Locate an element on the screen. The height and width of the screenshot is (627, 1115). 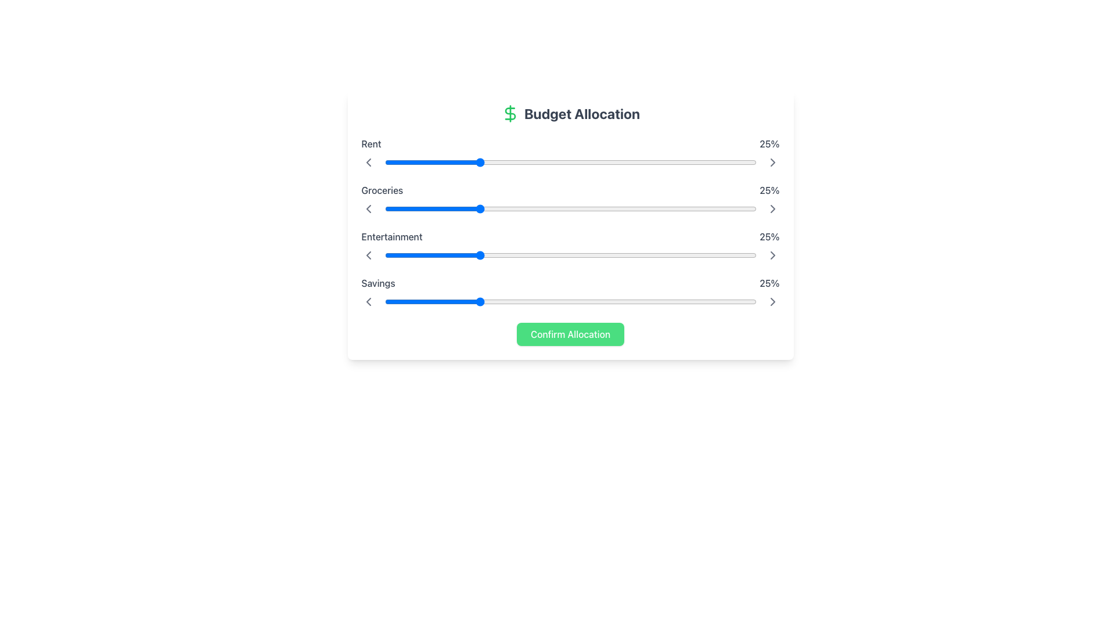
the slider value is located at coordinates (496, 208).